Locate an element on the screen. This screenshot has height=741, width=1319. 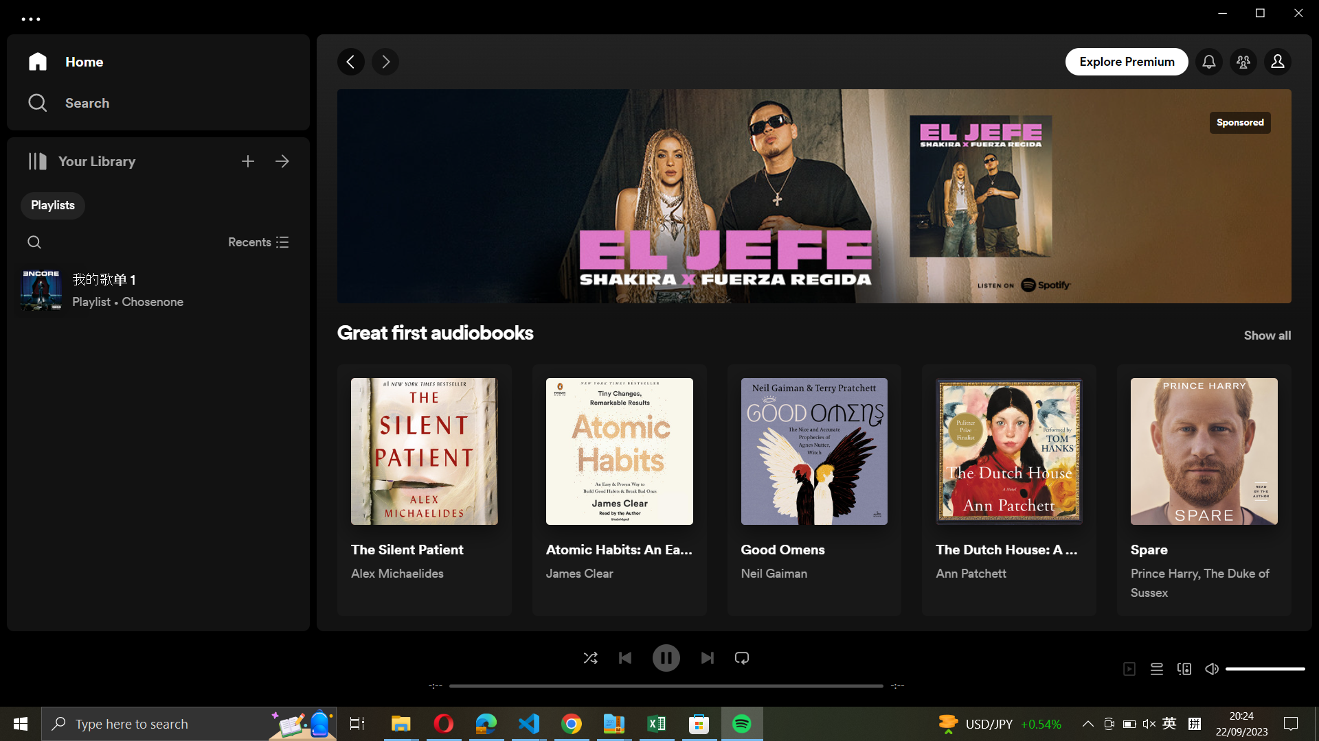
Terminate all currently open audiobooks is located at coordinates (258, 240).